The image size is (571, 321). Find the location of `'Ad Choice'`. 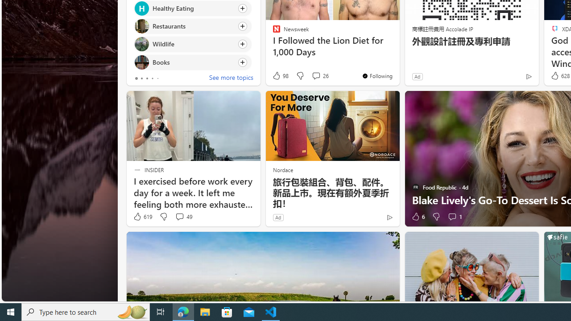

'Ad Choice' is located at coordinates (389, 217).